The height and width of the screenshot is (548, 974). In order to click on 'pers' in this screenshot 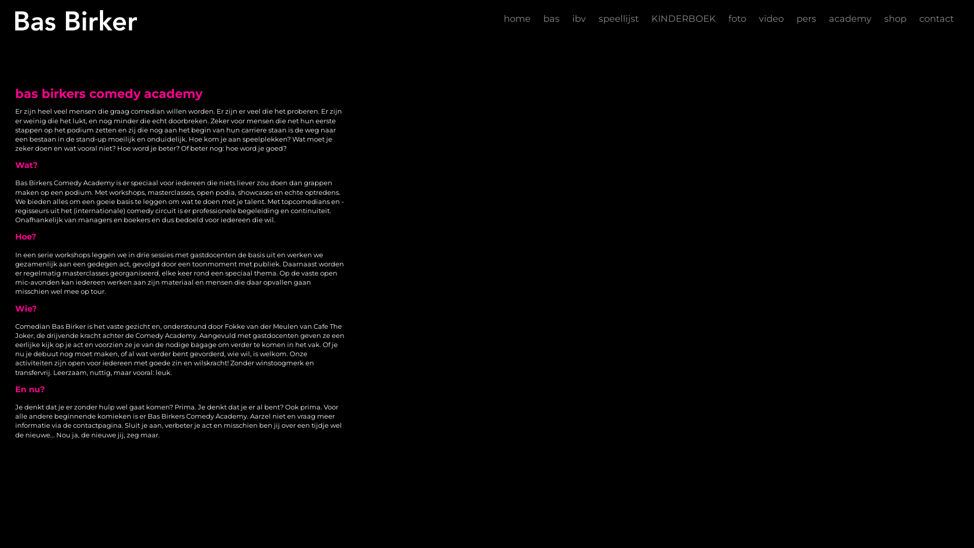, I will do `click(806, 19)`.